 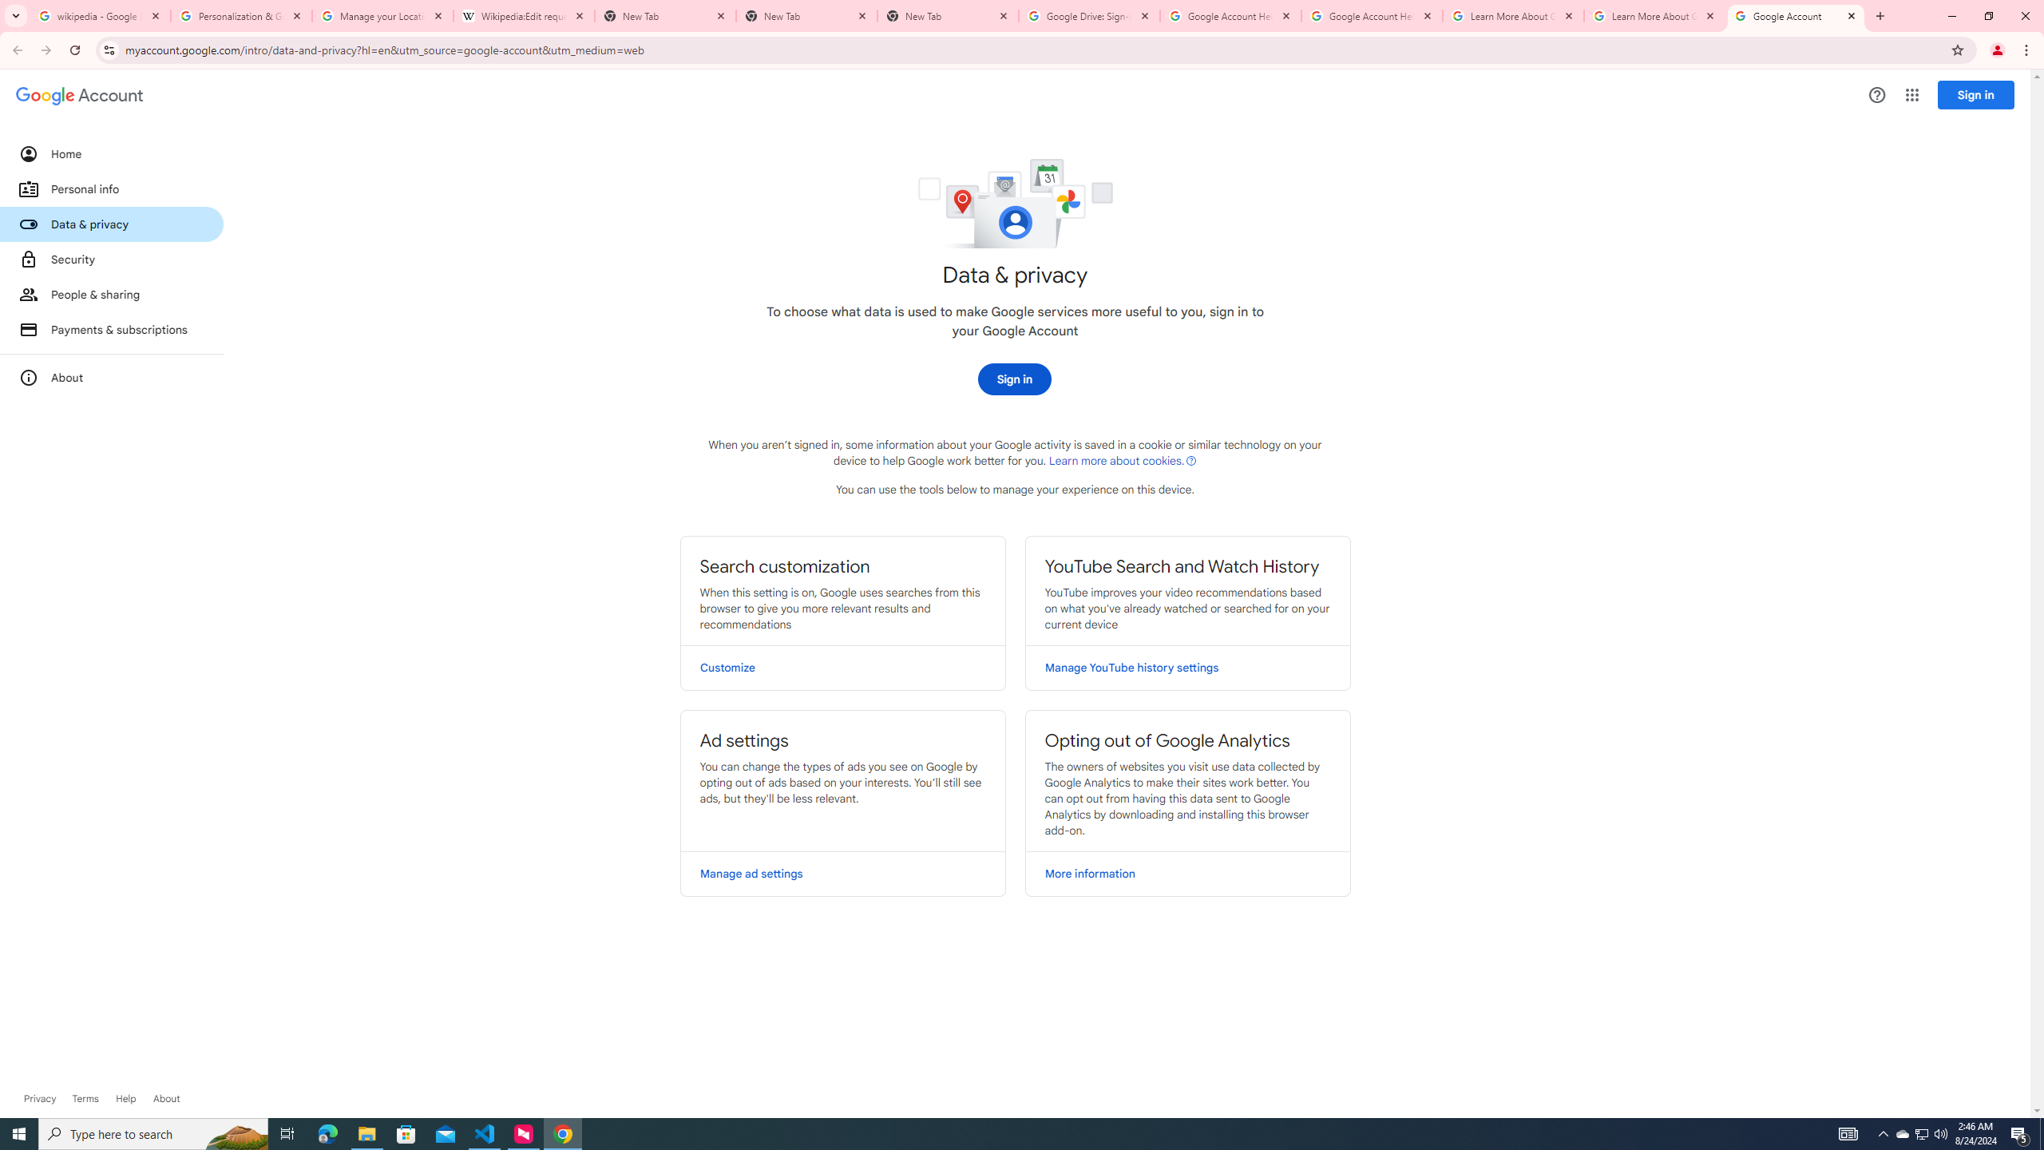 I want to click on 'More information about the Google Account', so click(x=110, y=377).